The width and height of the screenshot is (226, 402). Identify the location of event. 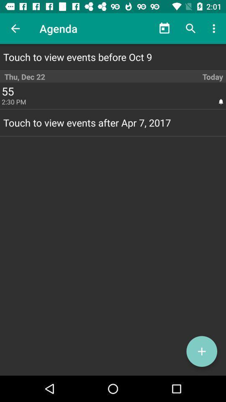
(201, 351).